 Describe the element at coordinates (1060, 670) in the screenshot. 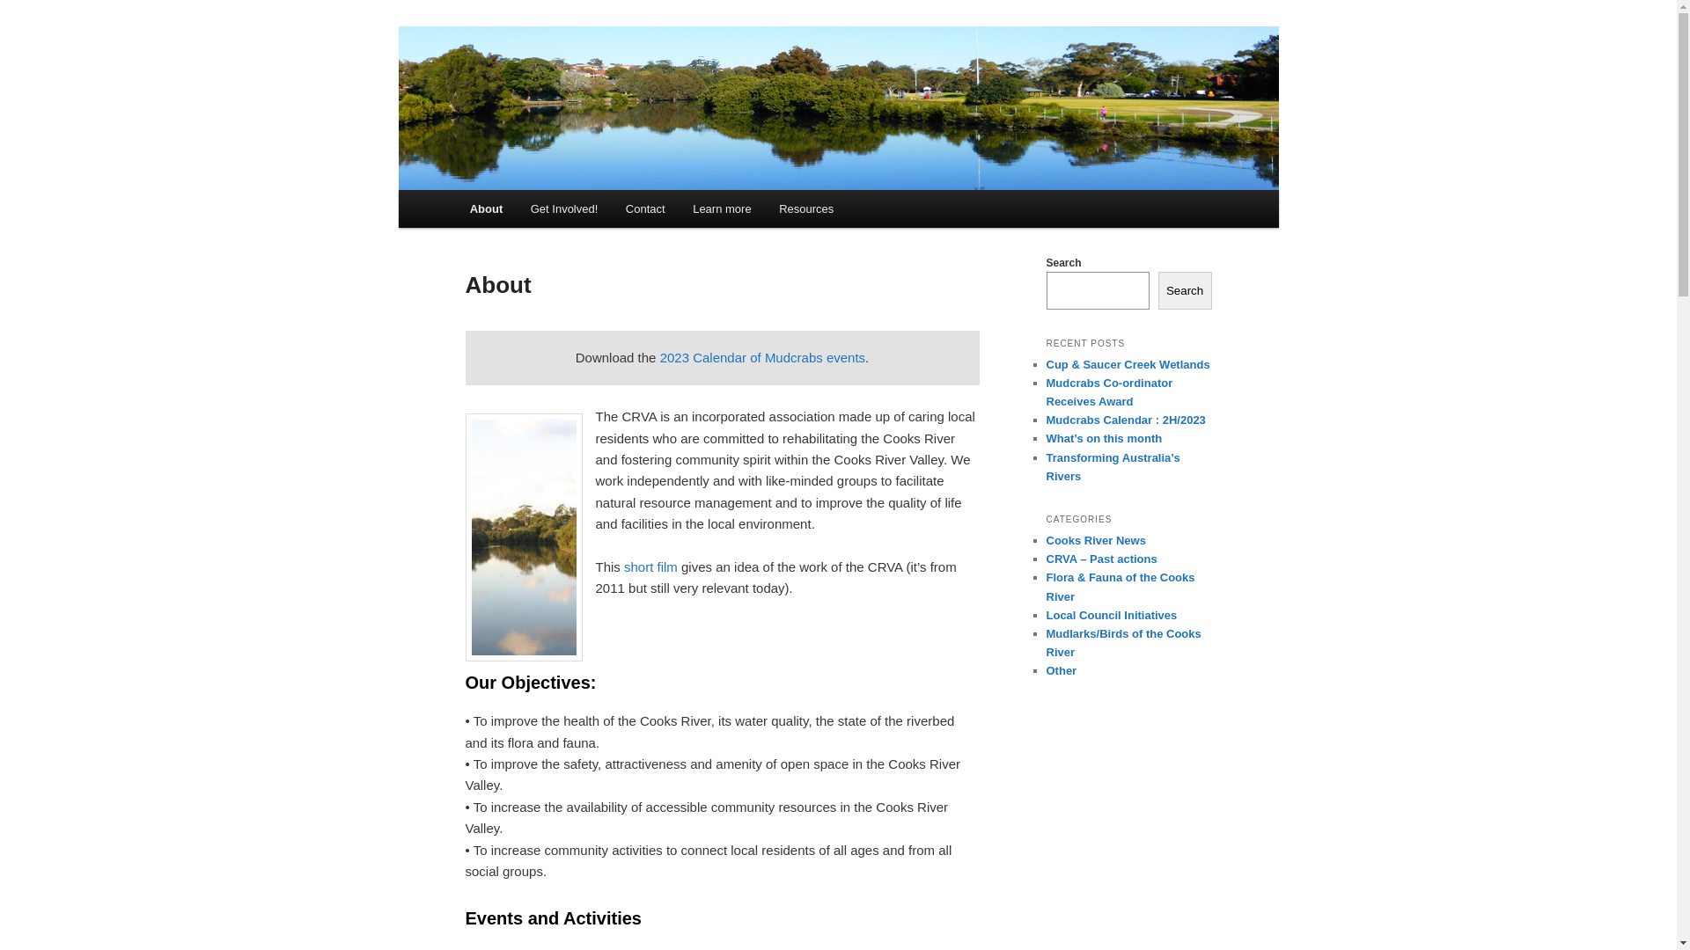

I see `'Other'` at that location.